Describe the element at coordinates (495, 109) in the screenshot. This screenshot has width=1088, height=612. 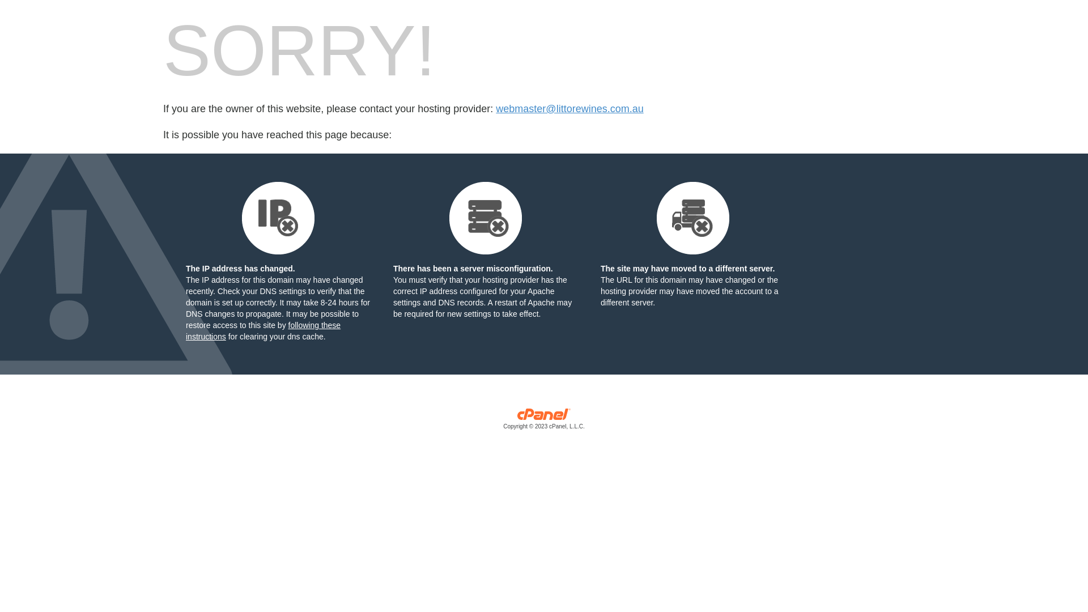
I see `'webmaster@littorewines.com.au'` at that location.